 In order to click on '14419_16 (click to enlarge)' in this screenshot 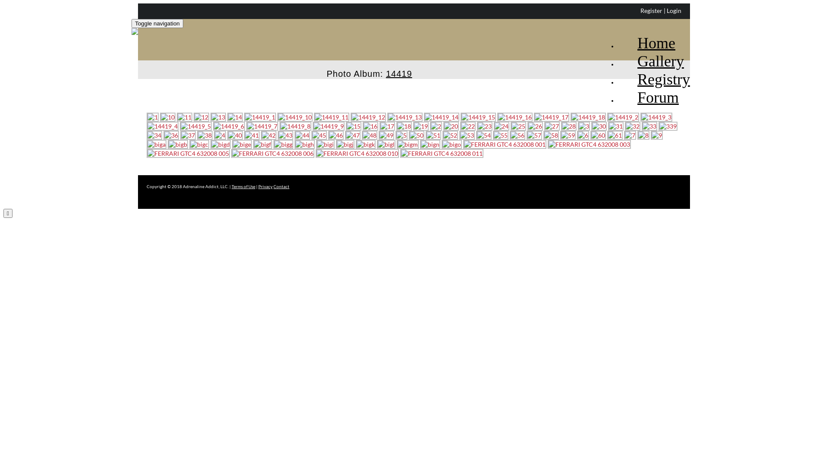, I will do `click(515, 117)`.